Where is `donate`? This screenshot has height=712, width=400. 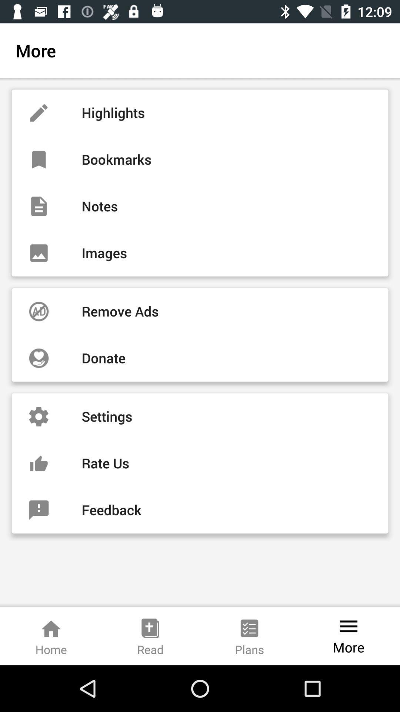
donate is located at coordinates (200, 358).